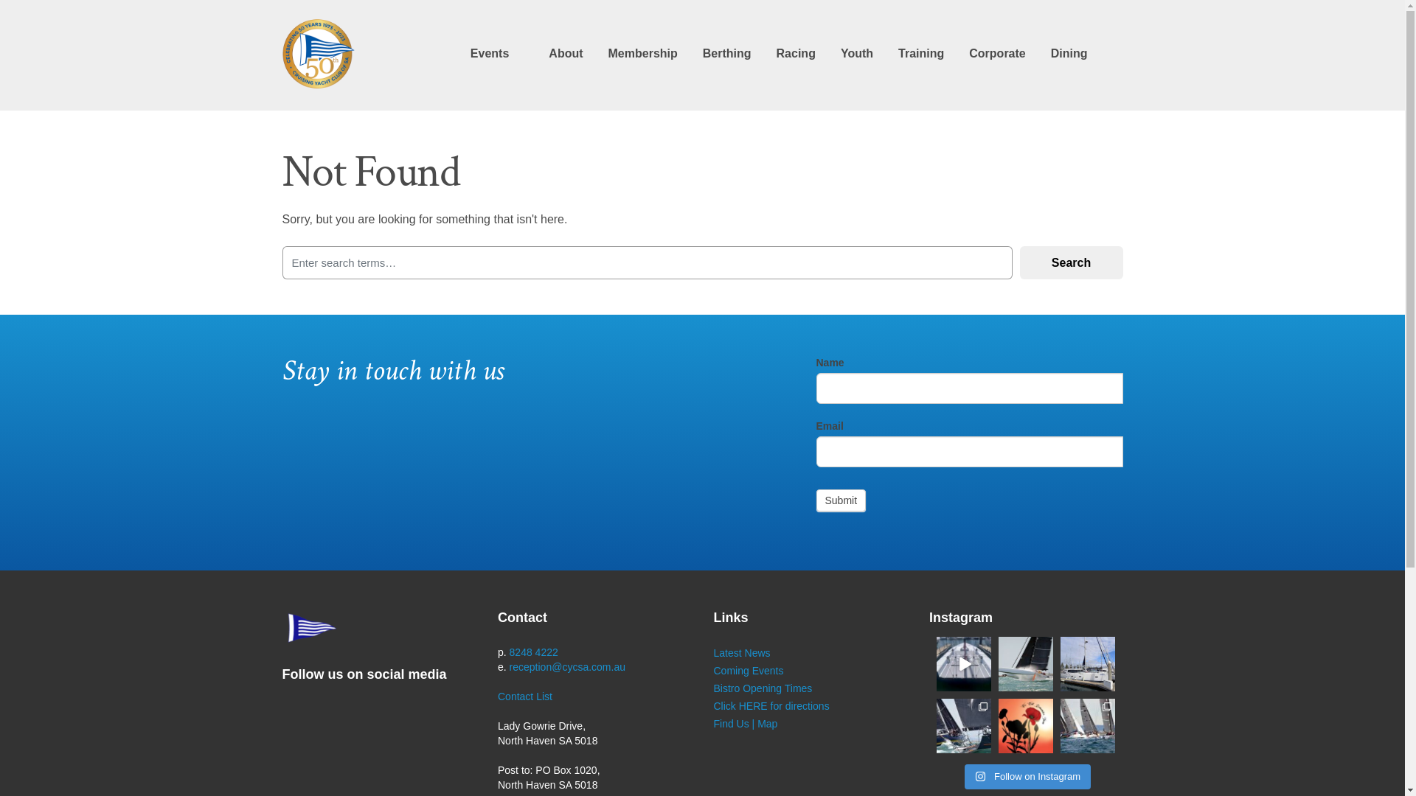 Image resolution: width=1416 pixels, height=796 pixels. What do you see at coordinates (763, 688) in the screenshot?
I see `'Bistro Opening Times'` at bounding box center [763, 688].